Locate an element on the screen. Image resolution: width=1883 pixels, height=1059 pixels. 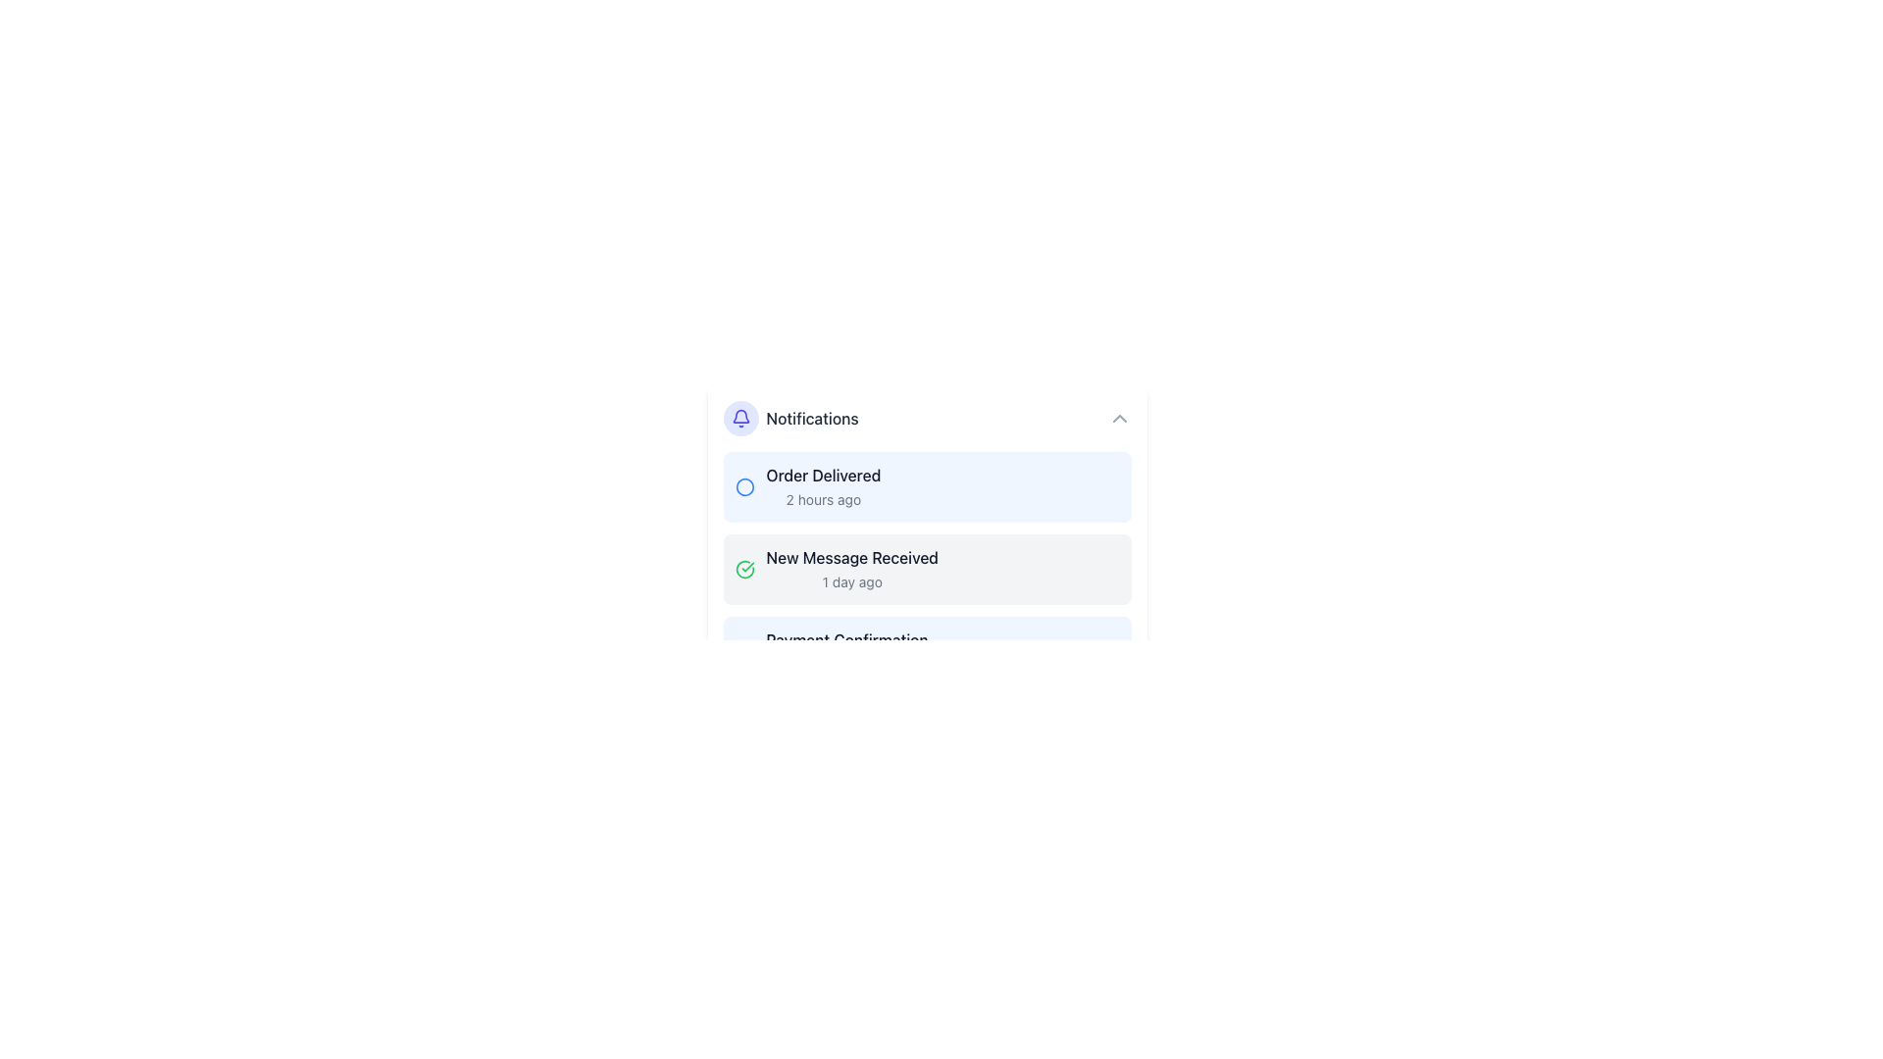
the circular button with a light indigo-blue background and a bell icon, located in the 'Notifications' section is located at coordinates (739, 418).